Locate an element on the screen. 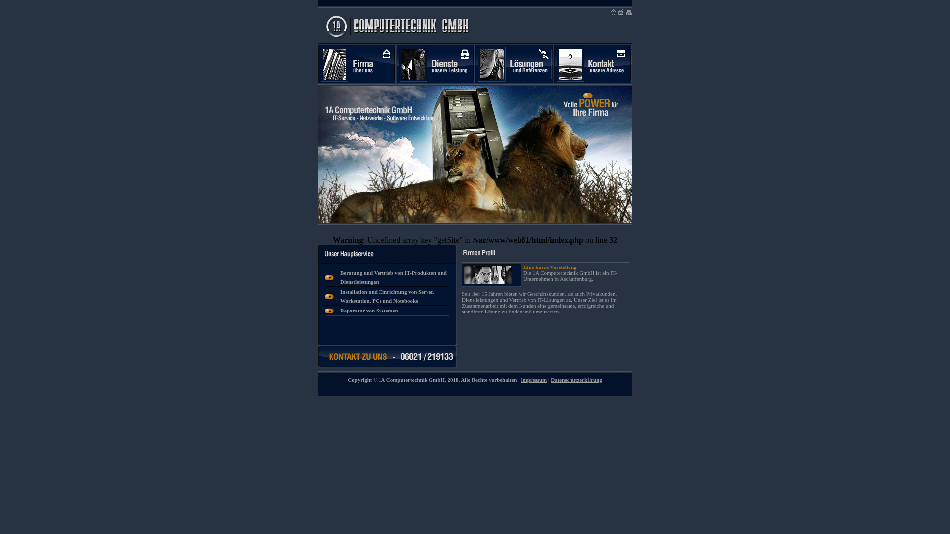 The image size is (950, 534). 'Impressum' is located at coordinates (520, 379).